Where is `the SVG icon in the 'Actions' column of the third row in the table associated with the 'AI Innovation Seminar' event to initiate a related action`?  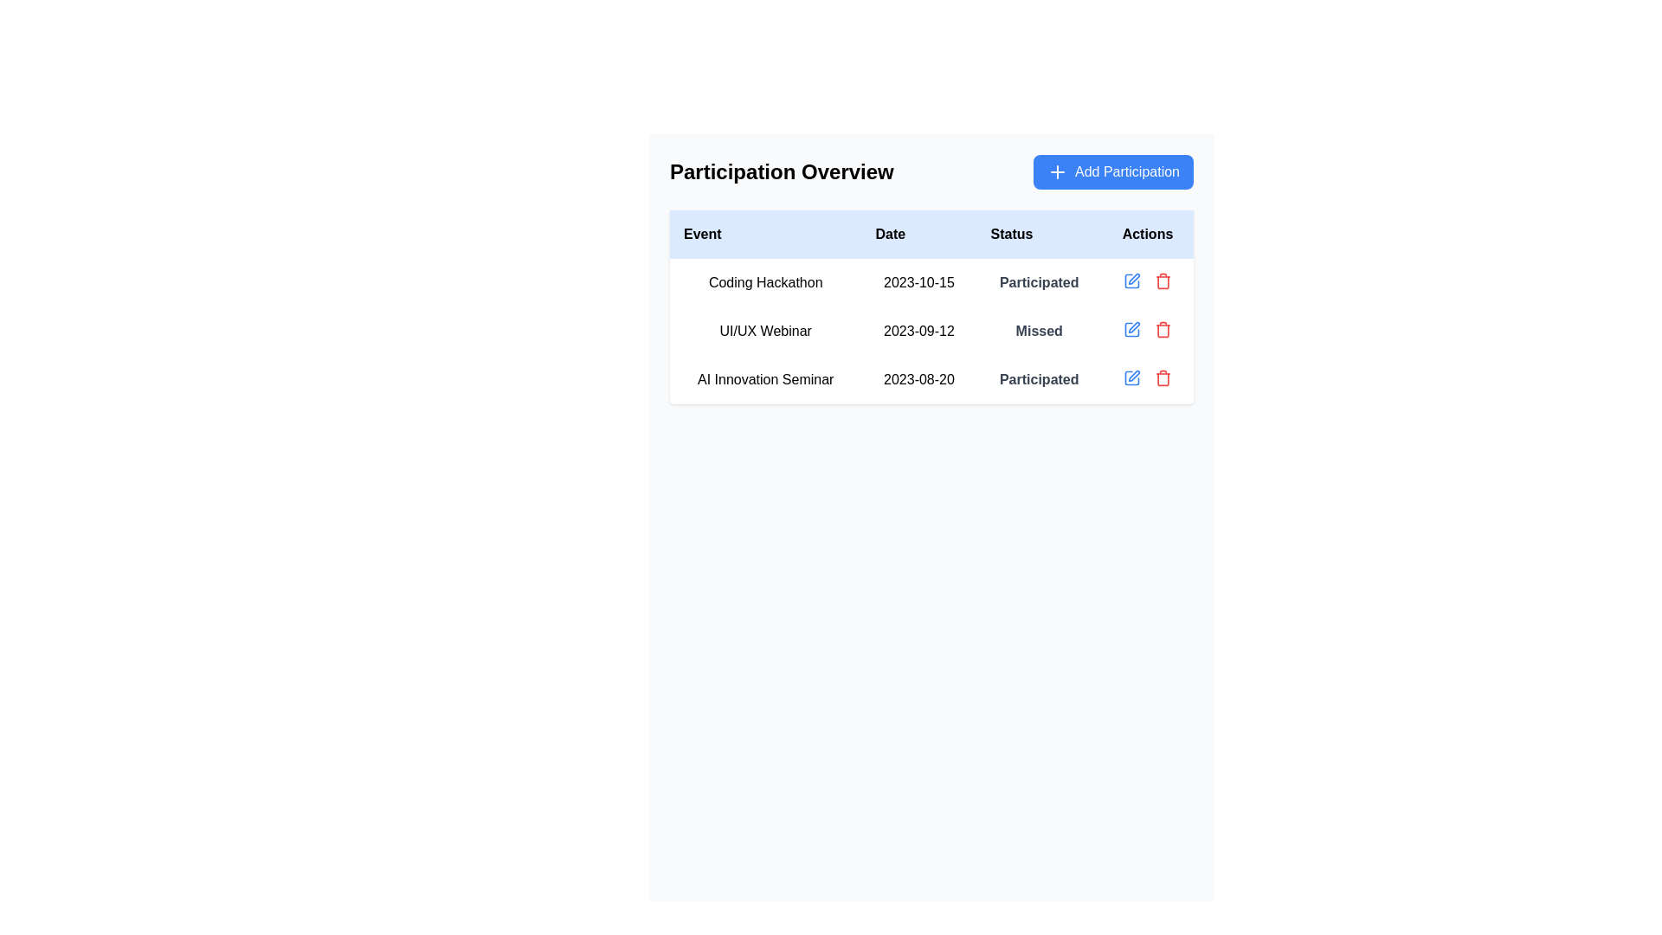 the SVG icon in the 'Actions' column of the third row in the table associated with the 'AI Innovation Seminar' event to initiate a related action is located at coordinates (1131, 377).